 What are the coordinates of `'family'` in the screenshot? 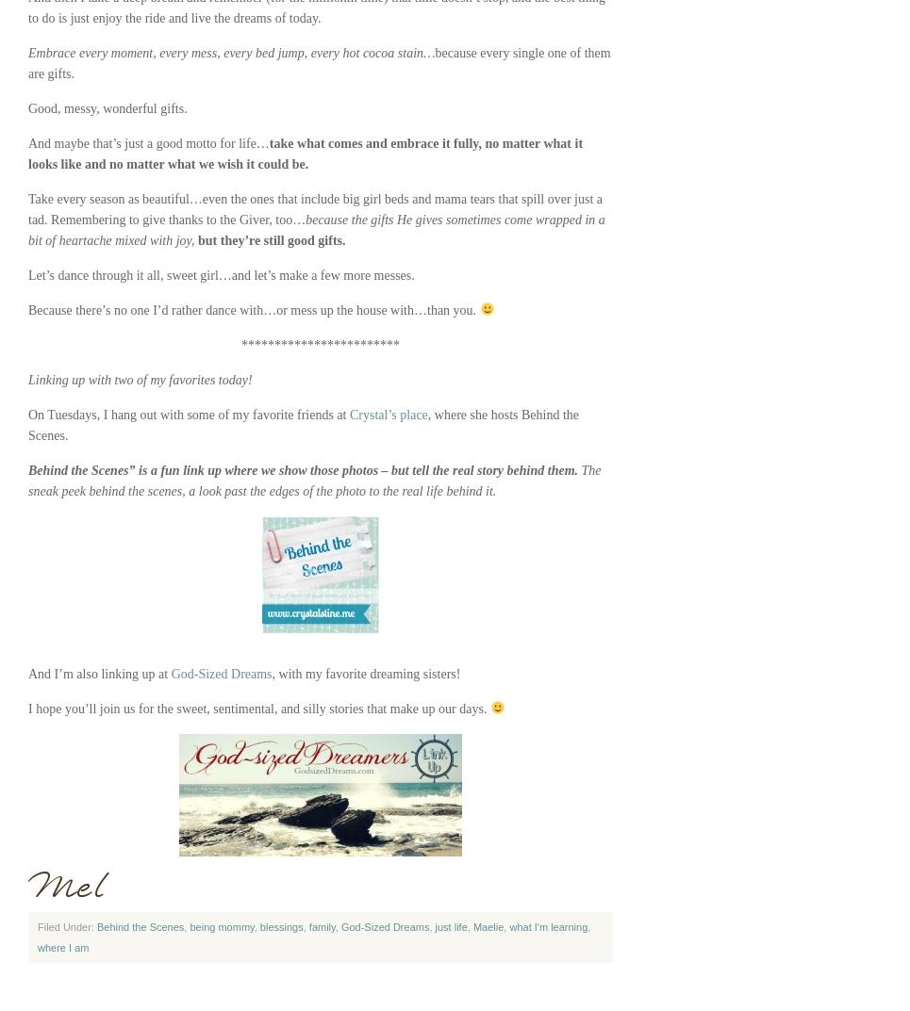 It's located at (322, 926).